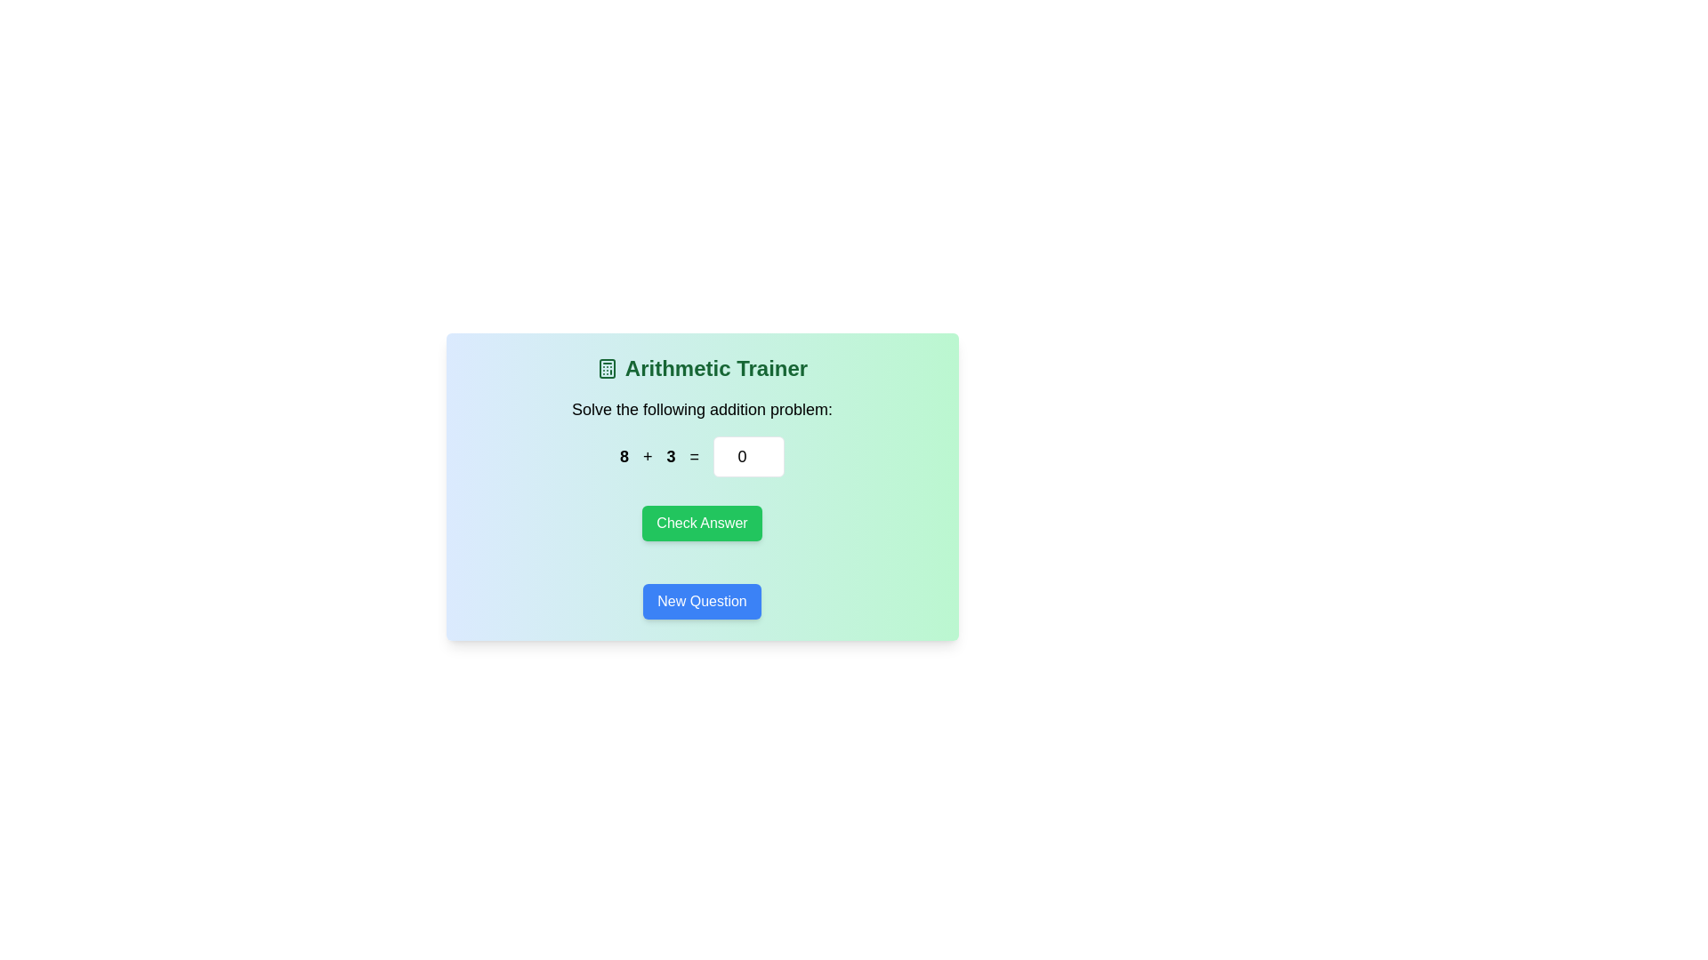 The height and width of the screenshot is (960, 1708). Describe the element at coordinates (693, 455) in the screenshot. I see `the static text label that separates the operand '3' and the answer input field in the arithmetic expression` at that location.